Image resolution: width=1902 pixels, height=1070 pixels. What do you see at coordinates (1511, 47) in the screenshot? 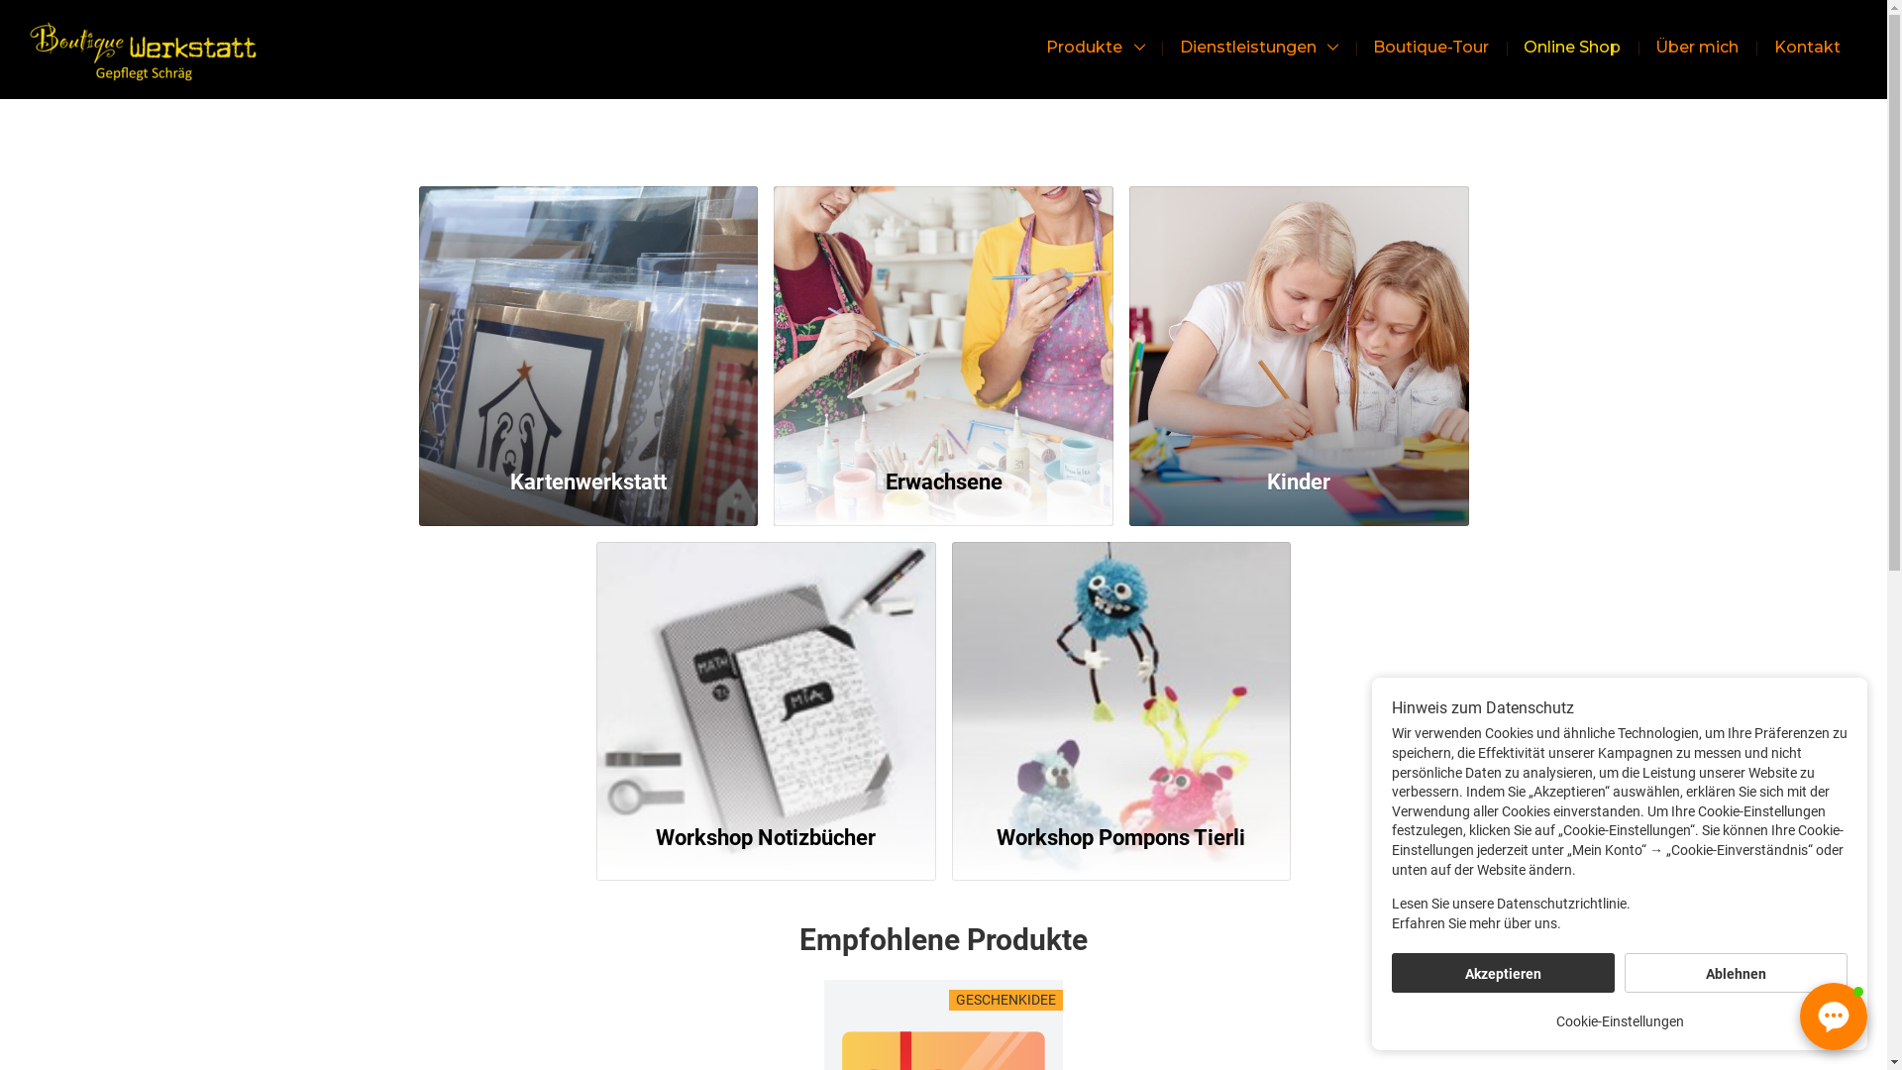
I see `'Online Shop'` at bounding box center [1511, 47].